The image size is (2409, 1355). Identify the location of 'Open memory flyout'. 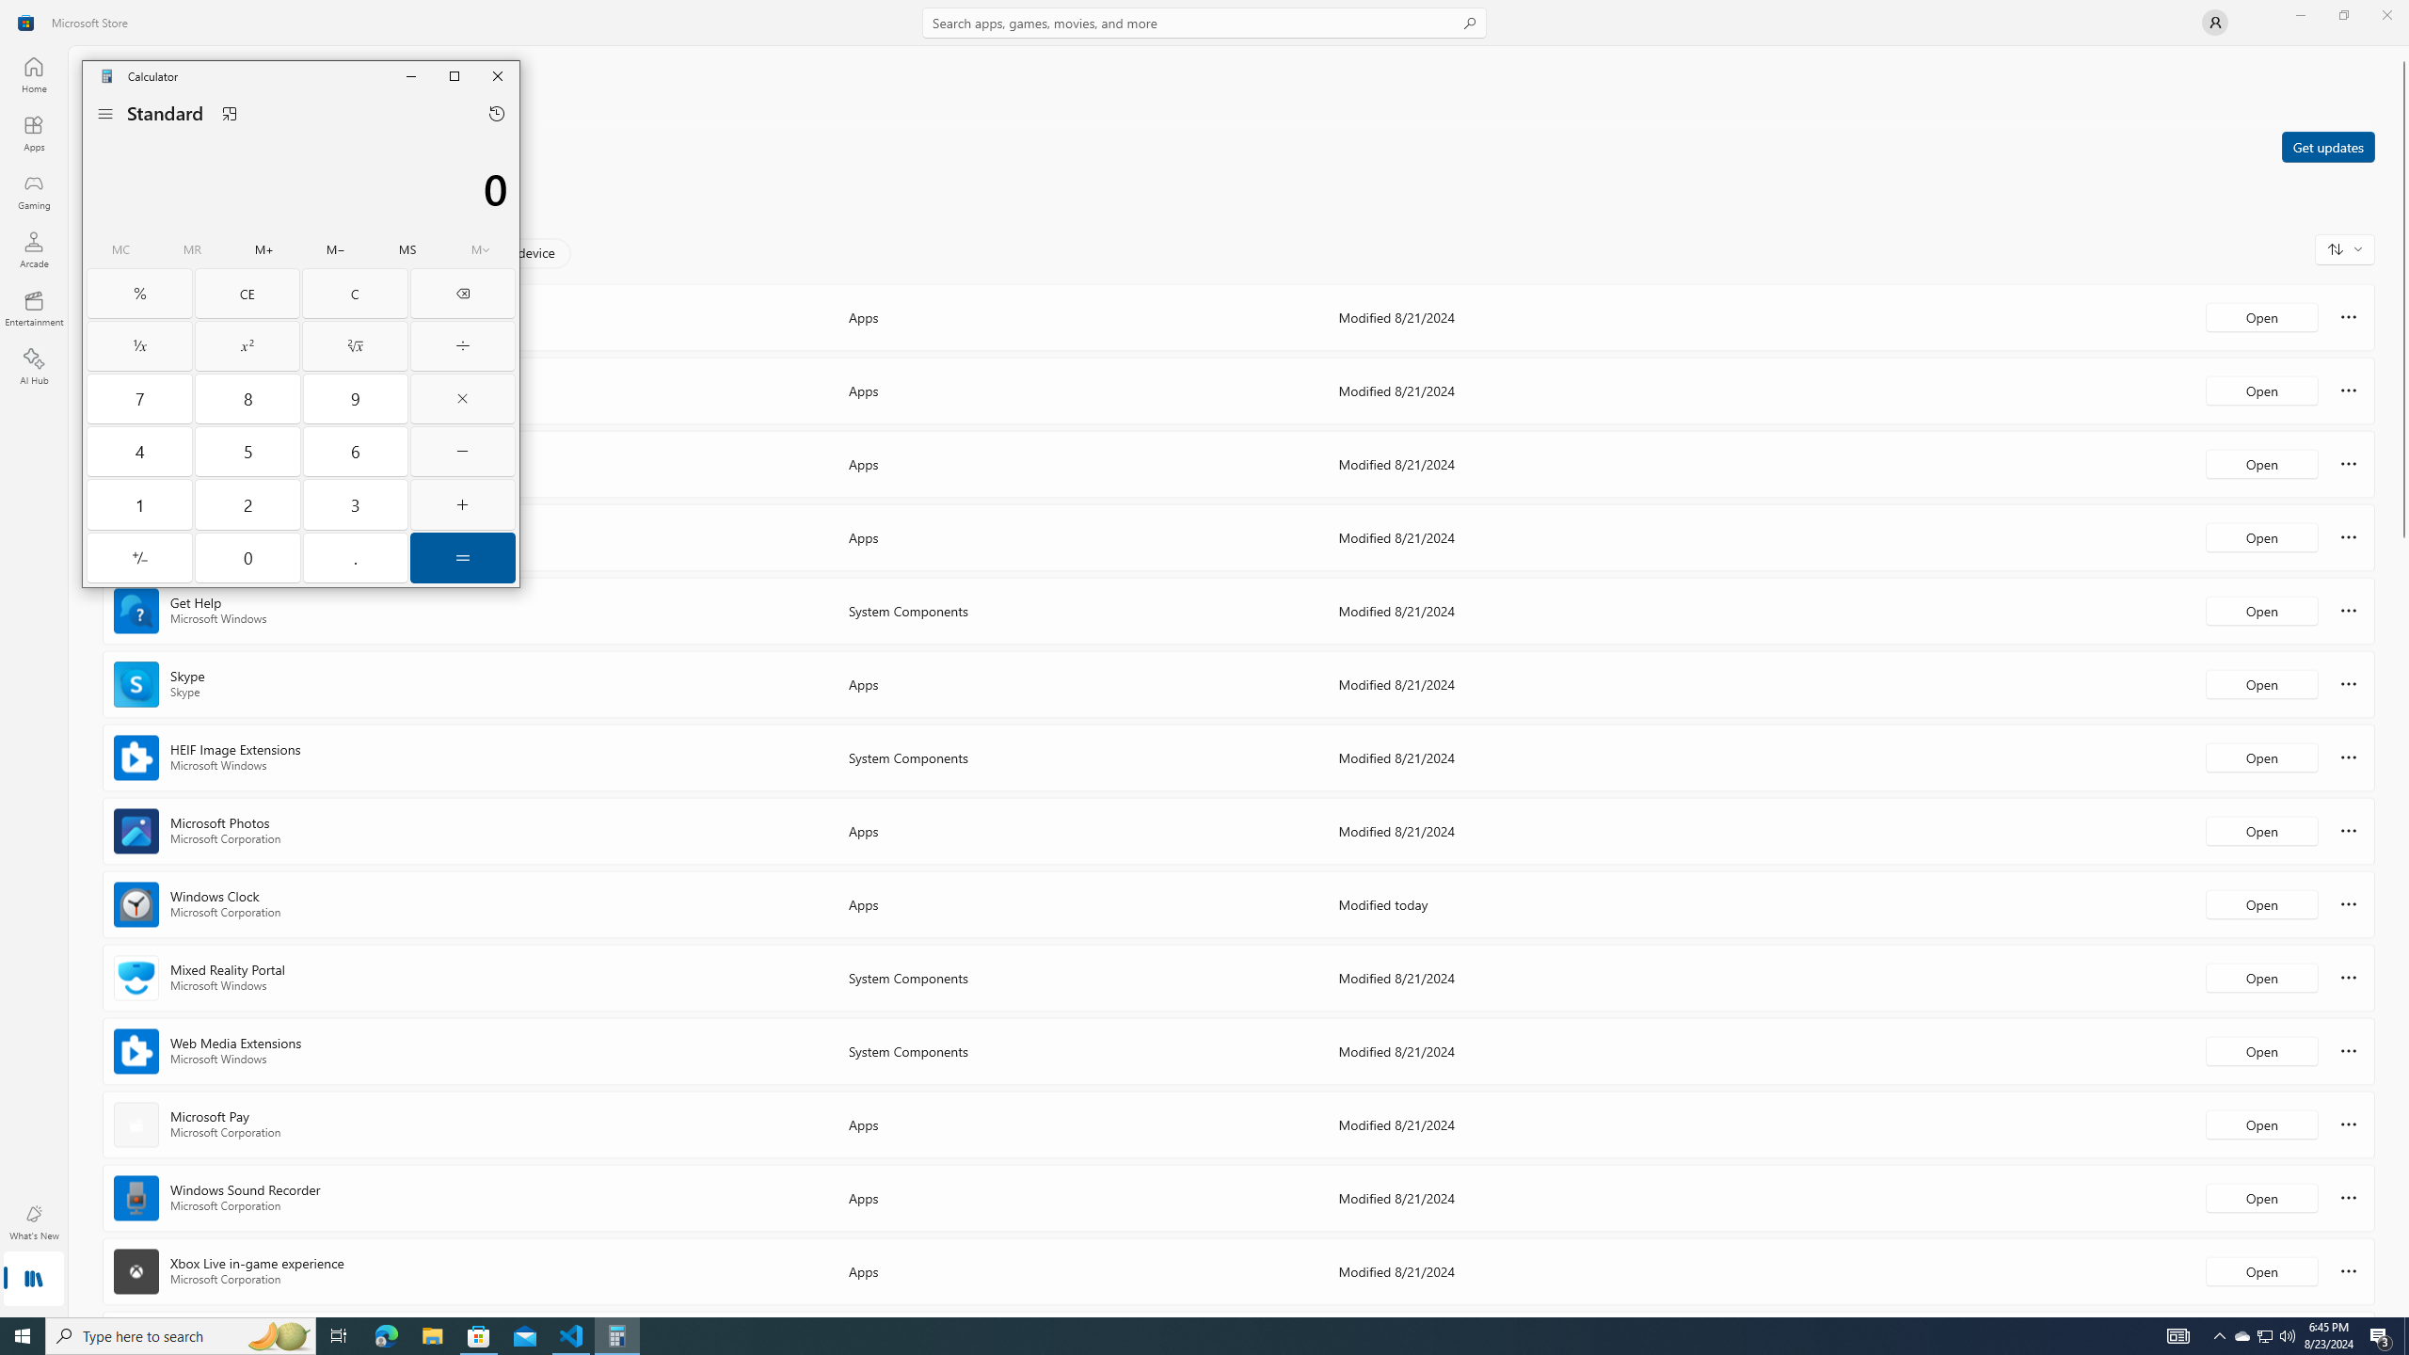
(479, 249).